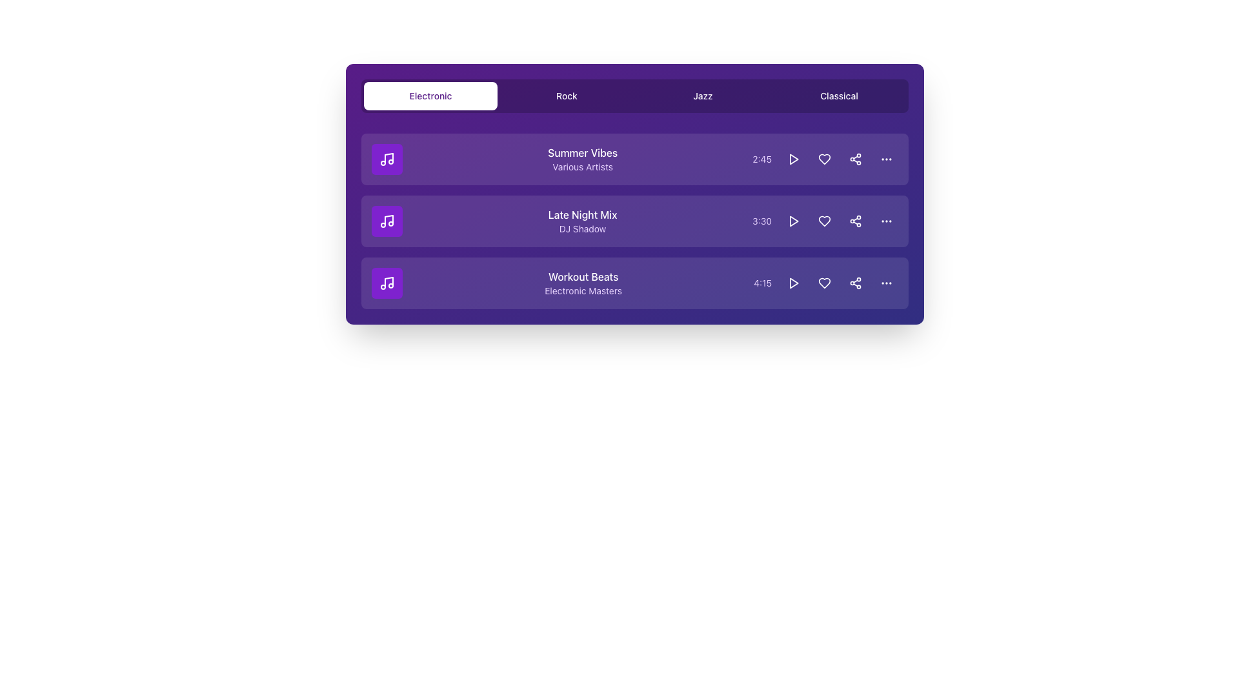 The image size is (1239, 697). What do you see at coordinates (823, 283) in the screenshot?
I see `the heart-shaped icon button within the 'Workout Beats' playlist entry` at bounding box center [823, 283].